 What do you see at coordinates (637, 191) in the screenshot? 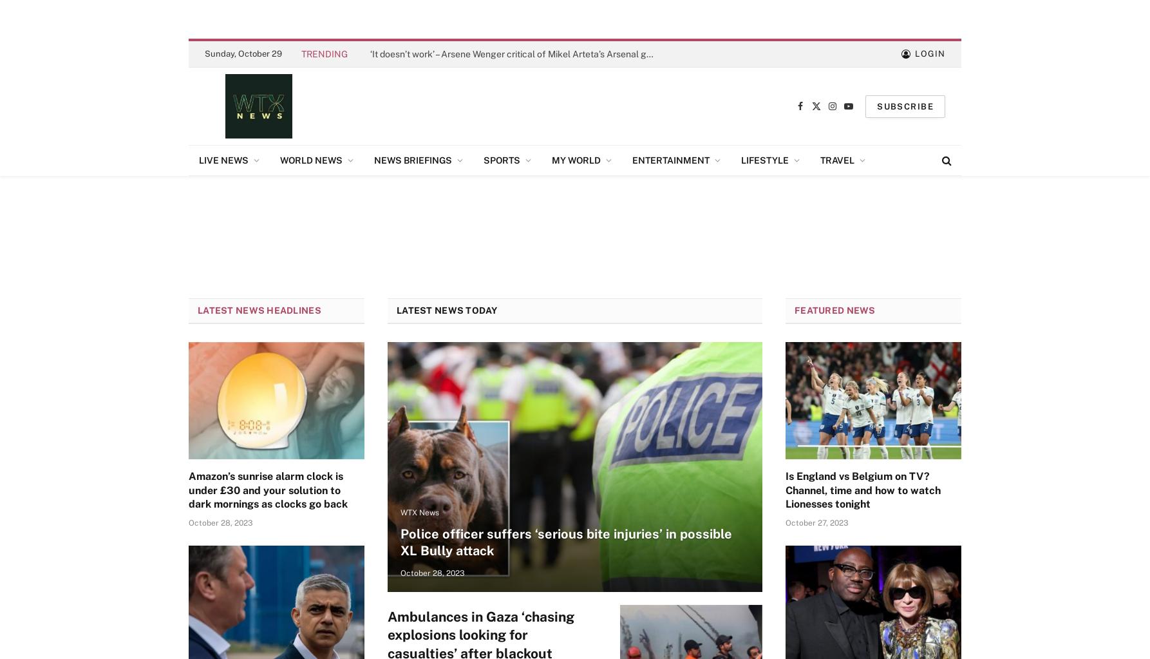
I see `'Insta Talk'` at bounding box center [637, 191].